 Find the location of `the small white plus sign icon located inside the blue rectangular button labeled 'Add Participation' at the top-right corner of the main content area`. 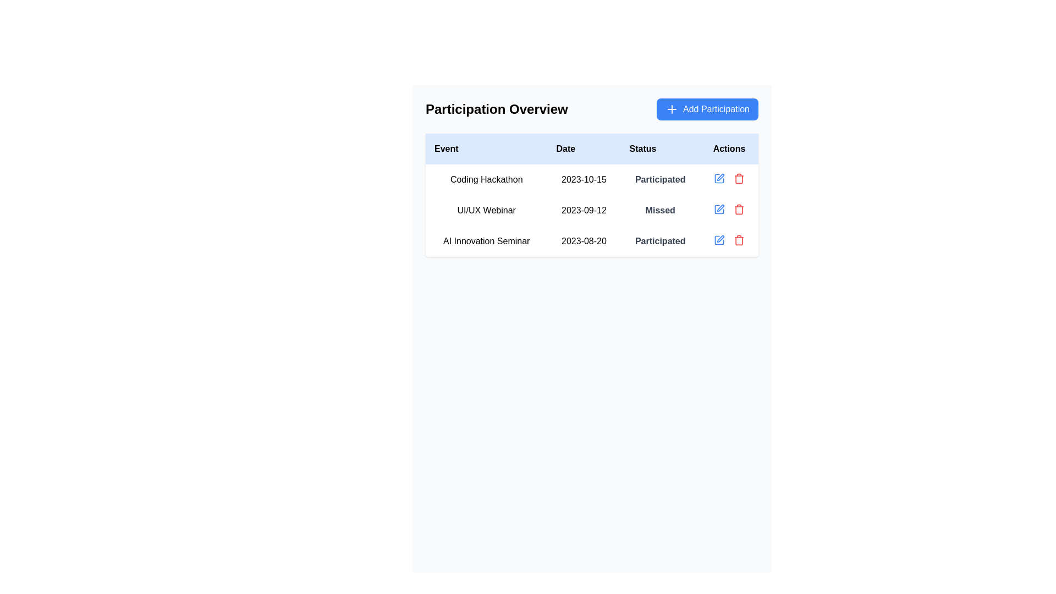

the small white plus sign icon located inside the blue rectangular button labeled 'Add Participation' at the top-right corner of the main content area is located at coordinates (672, 109).